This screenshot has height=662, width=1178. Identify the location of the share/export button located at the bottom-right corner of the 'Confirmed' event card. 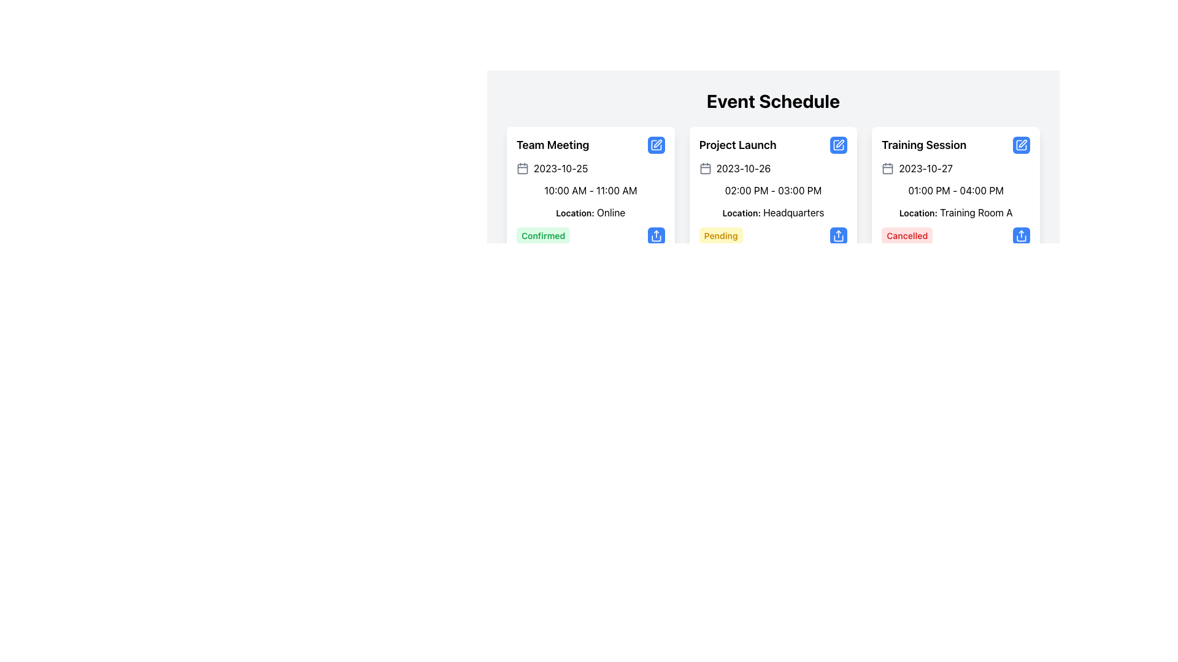
(655, 236).